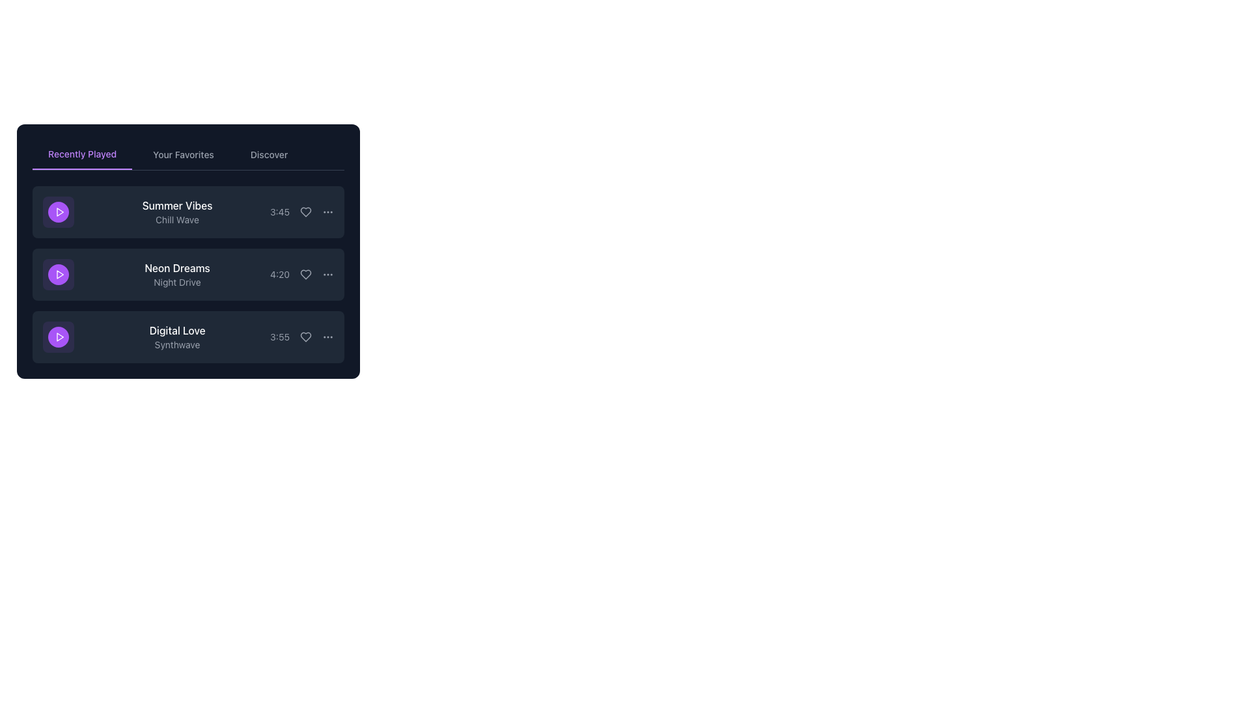 The width and height of the screenshot is (1250, 703). What do you see at coordinates (81, 154) in the screenshot?
I see `the 'Recently Played' button in the top left of the navigation bar` at bounding box center [81, 154].